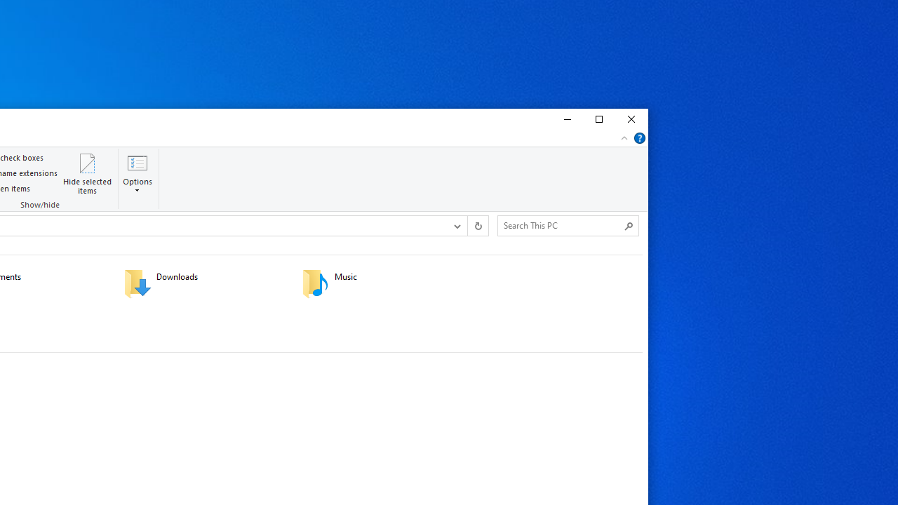 Image resolution: width=898 pixels, height=505 pixels. I want to click on 'Hide selected items', so click(87, 172).